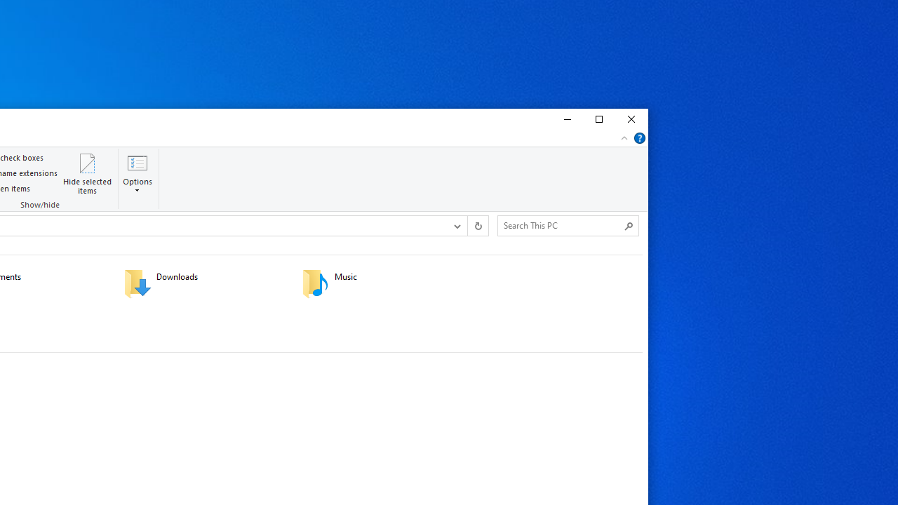 Image resolution: width=898 pixels, height=505 pixels. I want to click on 'Hide selected items', so click(87, 172).